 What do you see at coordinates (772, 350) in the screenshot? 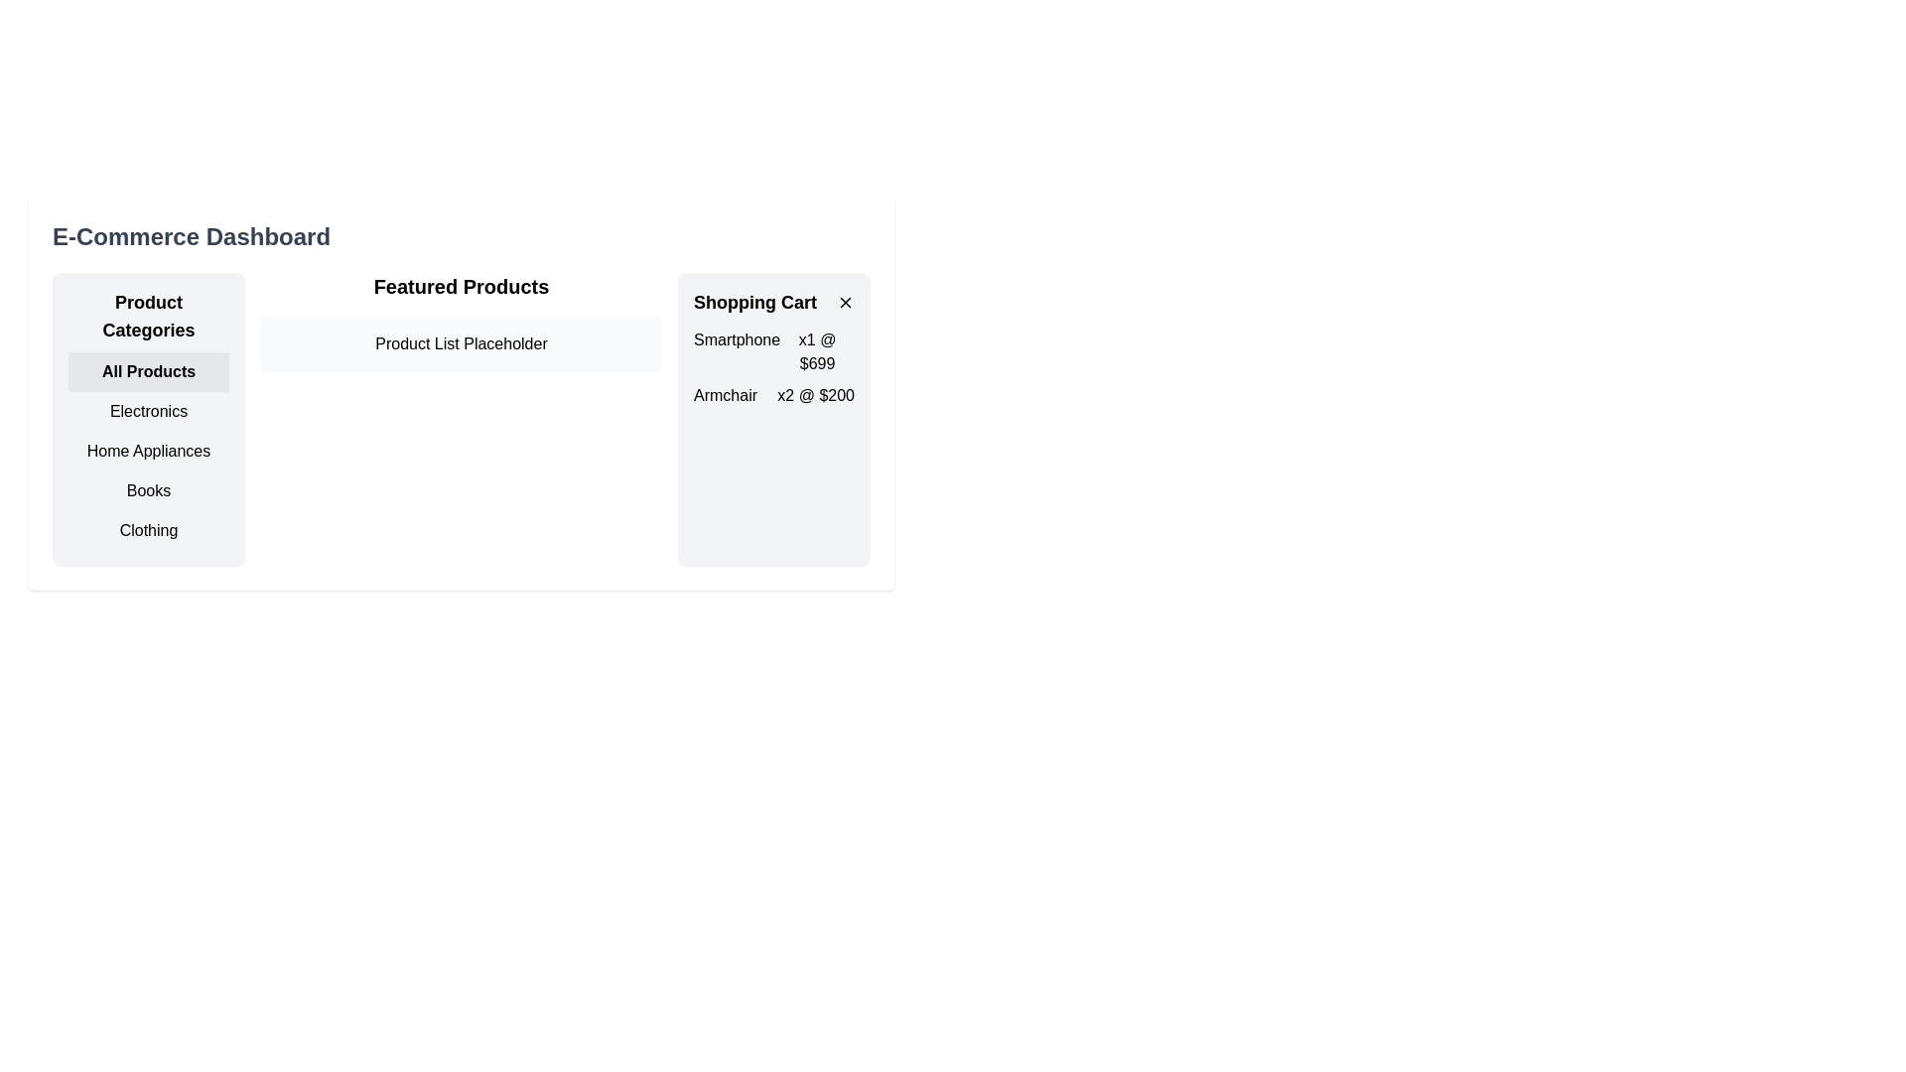
I see `the text label displaying 'Smartphone' with quantity 'x1' and price '$699' in the 'Shopping Cart' section by moving the cursor to its center point` at bounding box center [772, 350].